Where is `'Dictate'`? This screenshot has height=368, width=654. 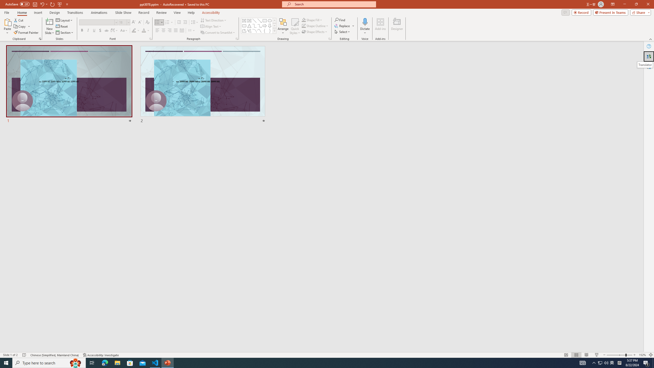 'Dictate' is located at coordinates (365, 26).